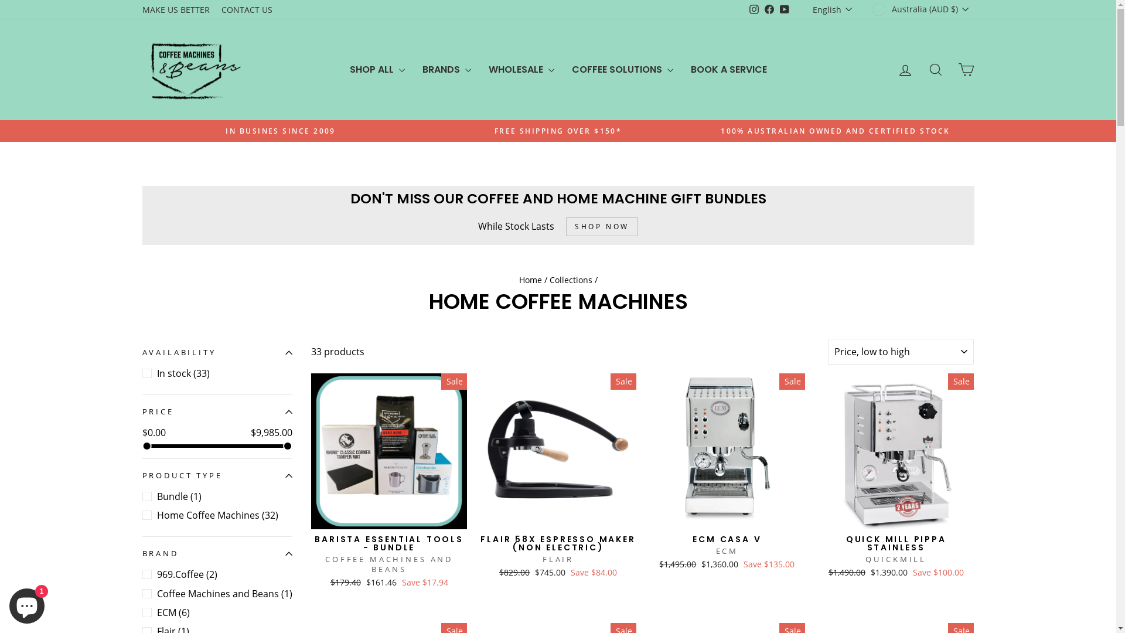  What do you see at coordinates (557, 131) in the screenshot?
I see `'FREE SHIPPING OVER $150*'` at bounding box center [557, 131].